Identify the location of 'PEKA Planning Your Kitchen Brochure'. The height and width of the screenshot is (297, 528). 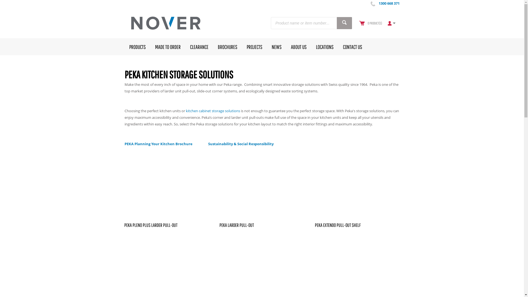
(158, 144).